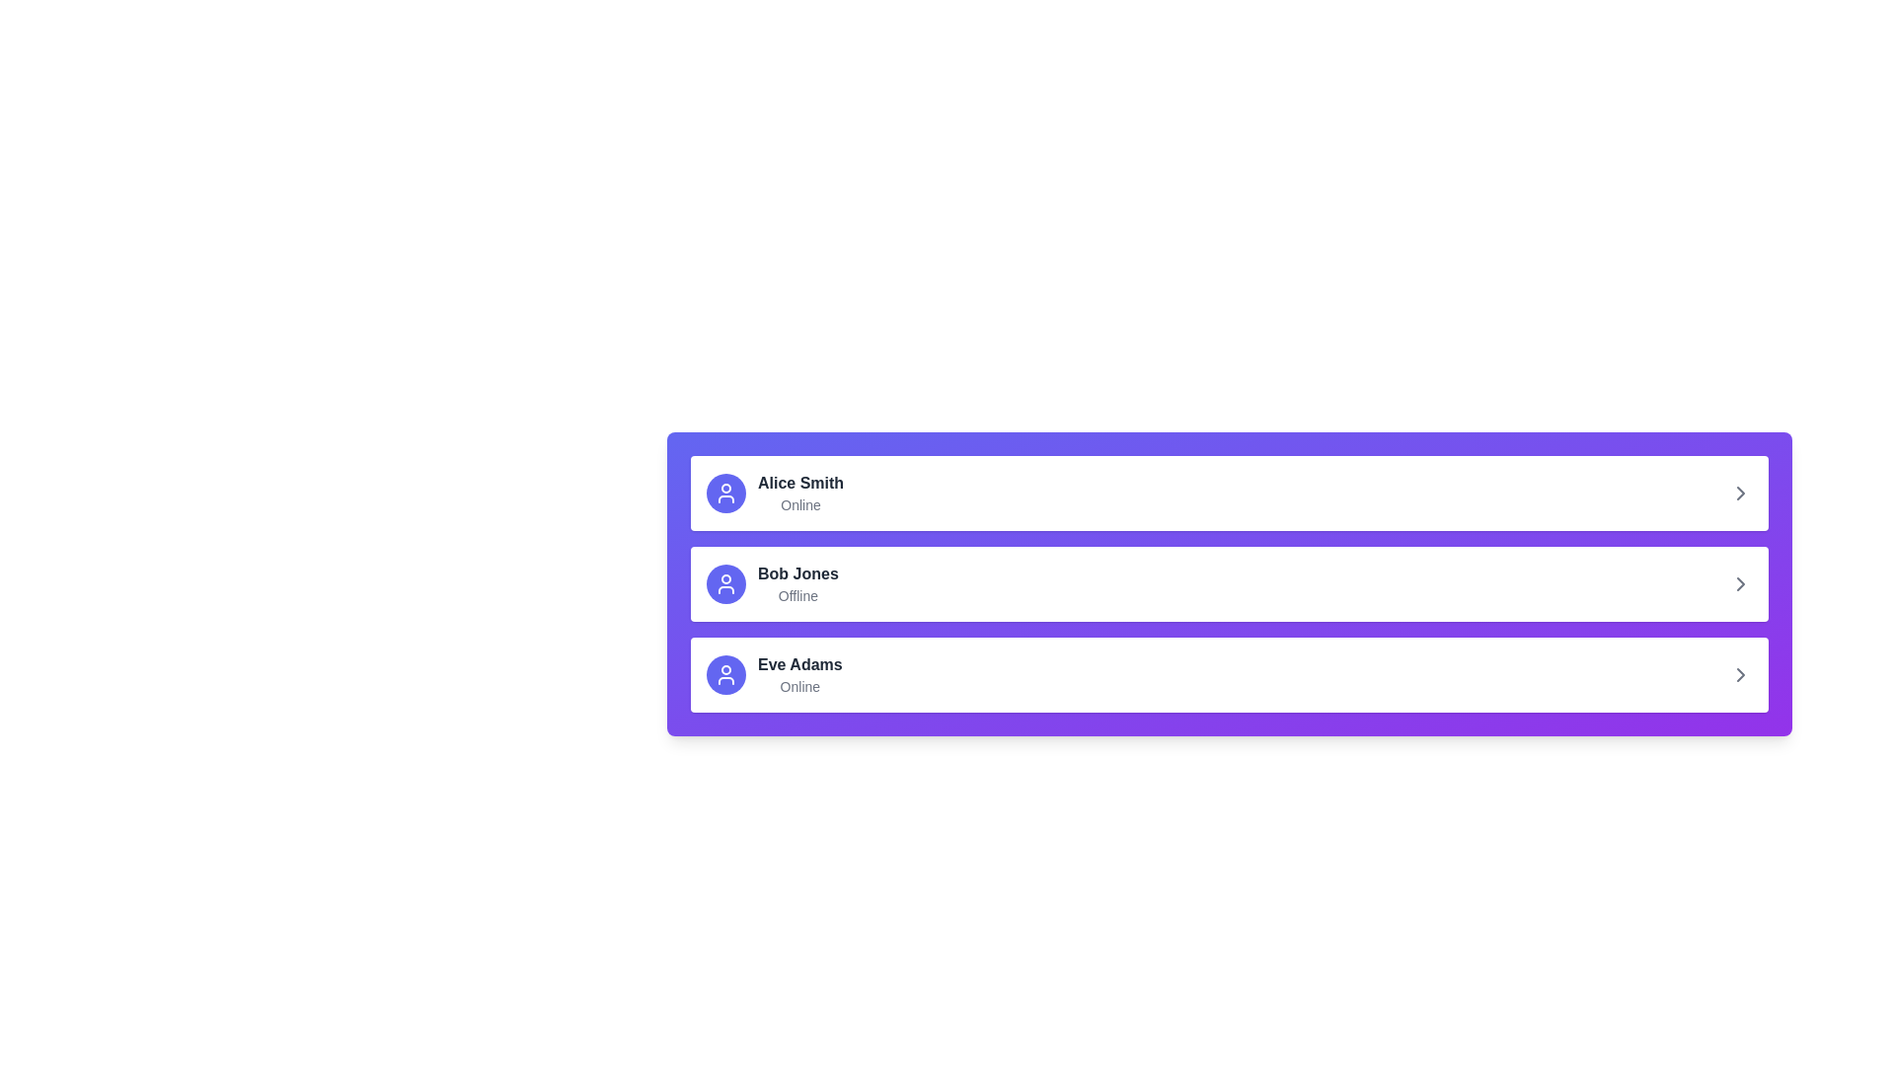  Describe the element at coordinates (1740, 493) in the screenshot. I see `the right-facing chevron icon styled in light gray, located at the far right end of the row containing 'Alice Smith' and 'Online'` at that location.